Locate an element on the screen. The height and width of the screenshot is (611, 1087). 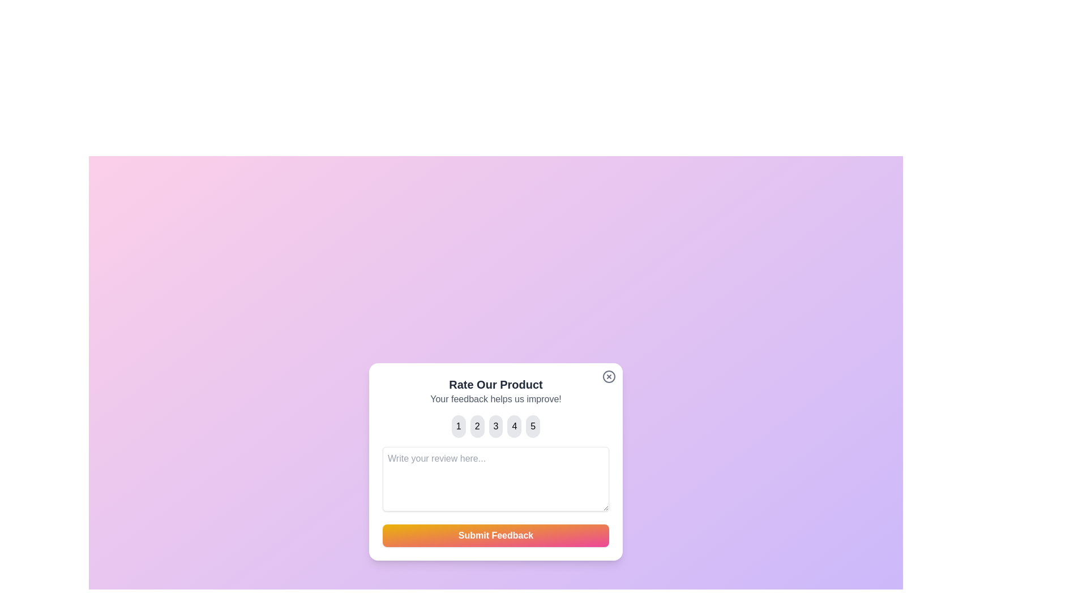
the button corresponding to the rating 5 is located at coordinates (532, 426).